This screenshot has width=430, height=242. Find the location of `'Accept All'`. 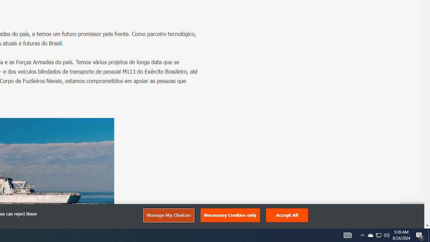

'Accept All' is located at coordinates (287, 215).